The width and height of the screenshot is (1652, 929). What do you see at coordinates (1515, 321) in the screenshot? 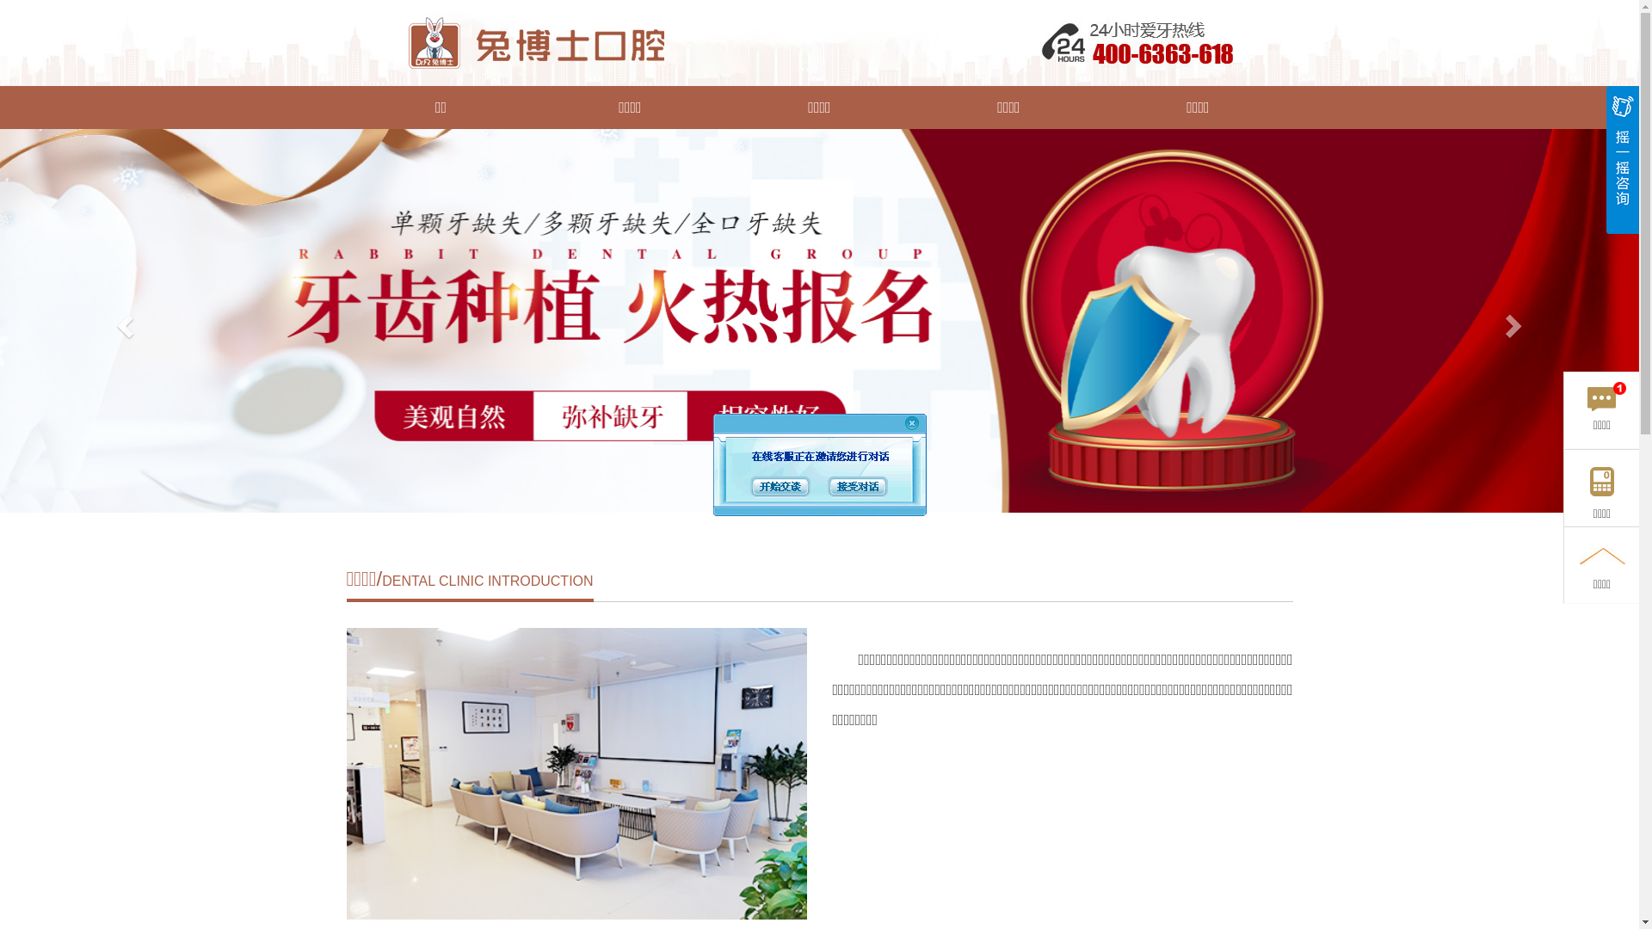
I see `'Next'` at bounding box center [1515, 321].